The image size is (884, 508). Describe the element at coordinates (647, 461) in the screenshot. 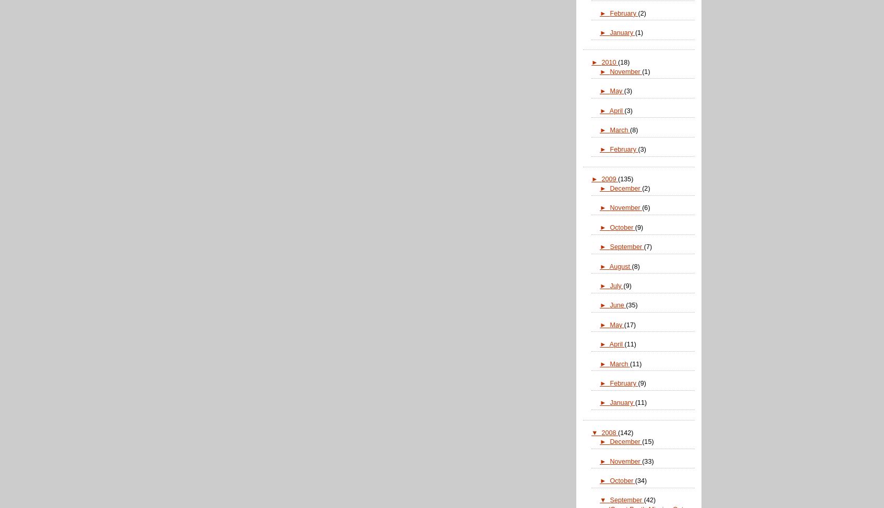

I see `'(33)'` at that location.